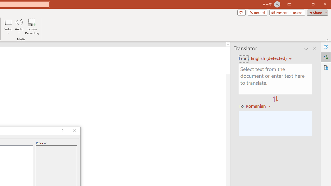 This screenshot has width=331, height=186. Describe the element at coordinates (32, 27) in the screenshot. I see `'Screen Recording...'` at that location.